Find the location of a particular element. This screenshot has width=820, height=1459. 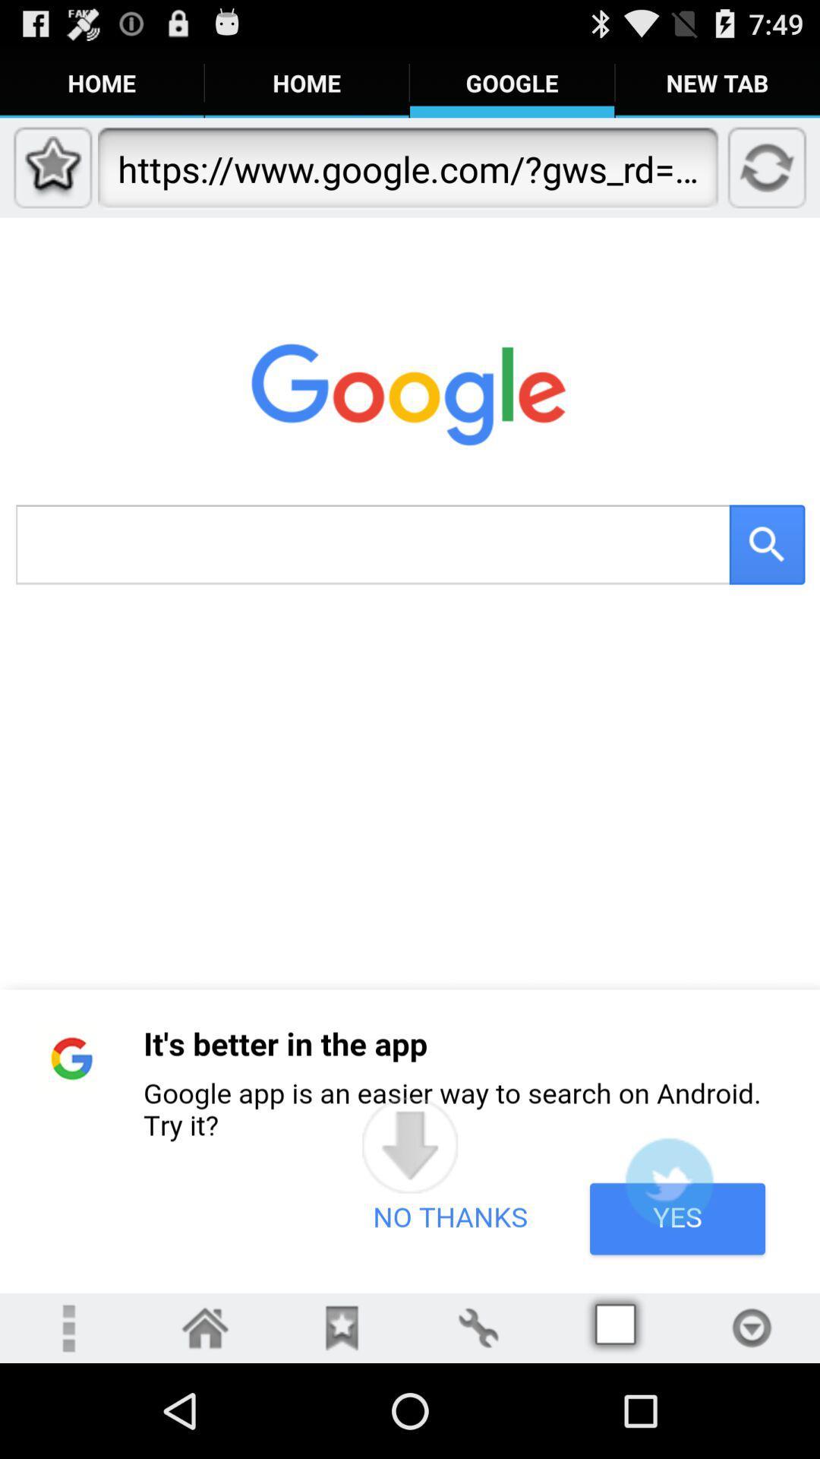

go down is located at coordinates (410, 1145).